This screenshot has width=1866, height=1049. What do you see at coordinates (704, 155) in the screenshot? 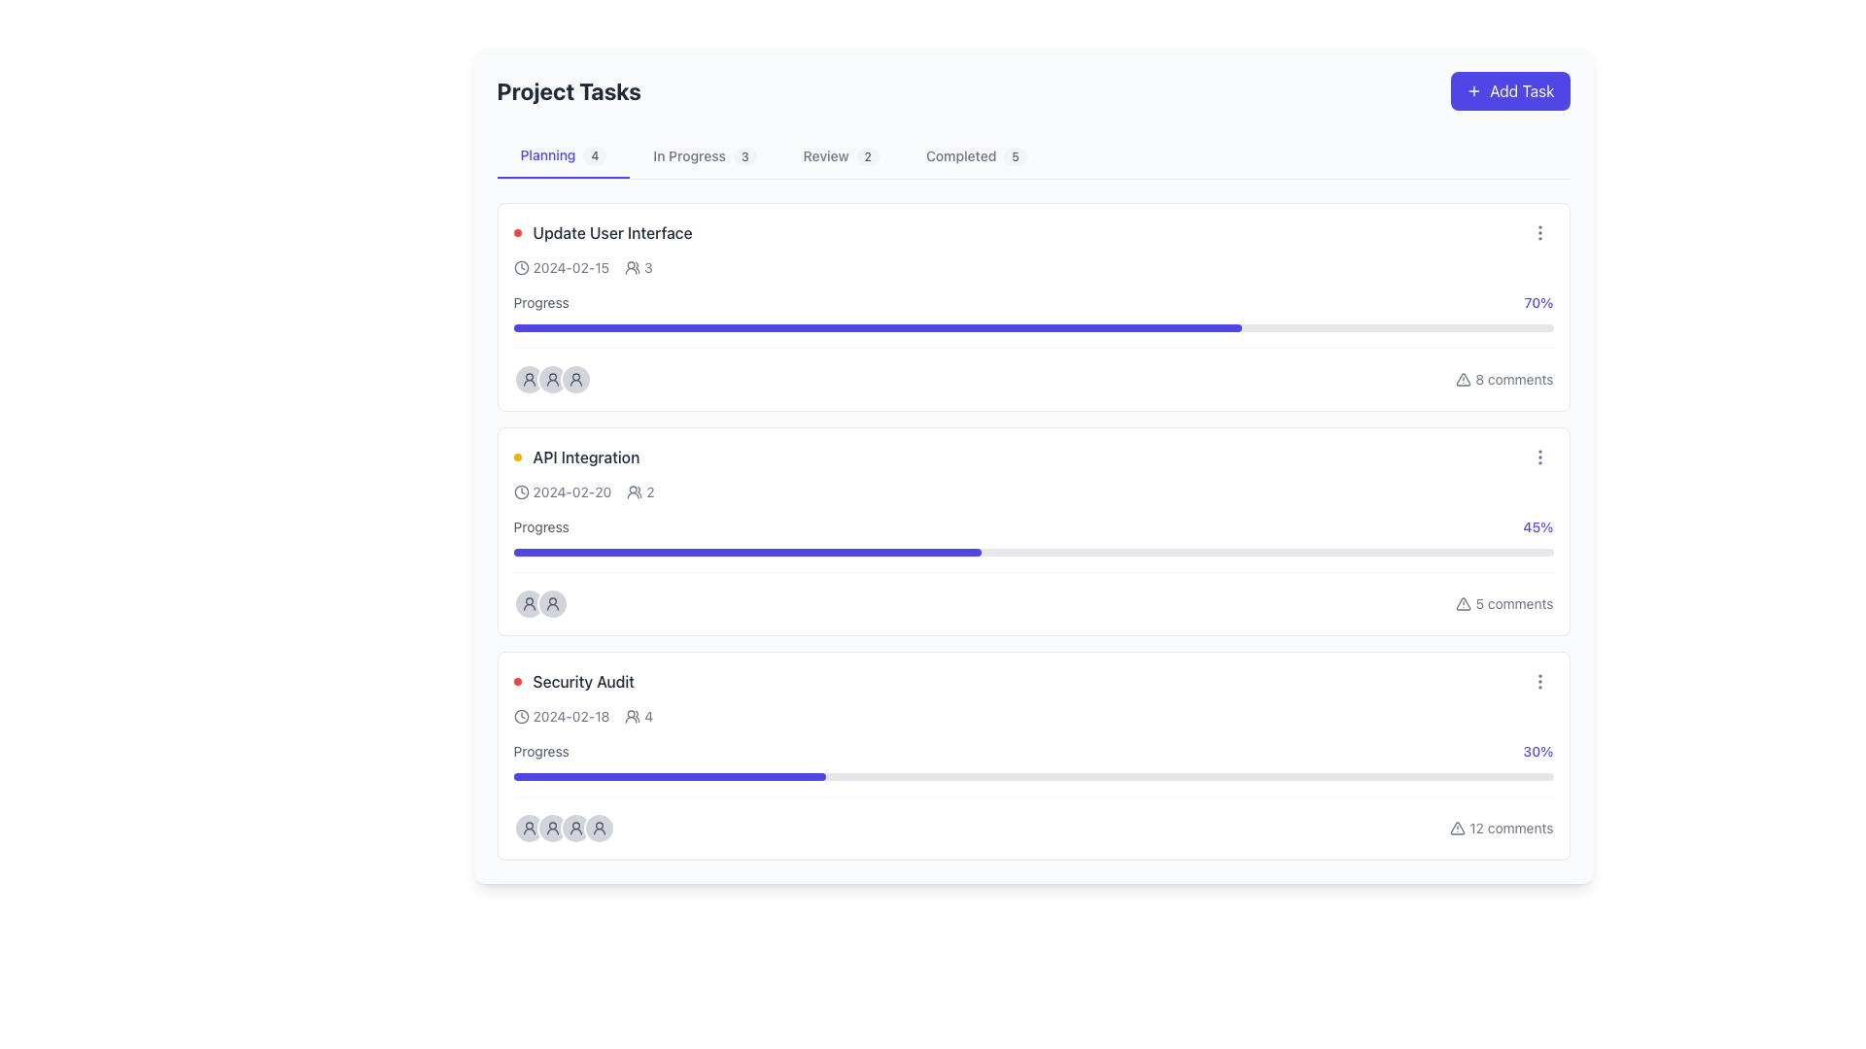
I see `the 'In Progress' navigation tab with badge to trigger style changes` at bounding box center [704, 155].